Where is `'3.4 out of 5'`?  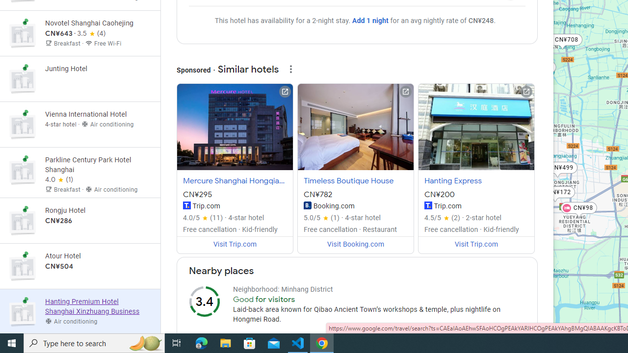 '3.4 out of 5' is located at coordinates (204, 301).